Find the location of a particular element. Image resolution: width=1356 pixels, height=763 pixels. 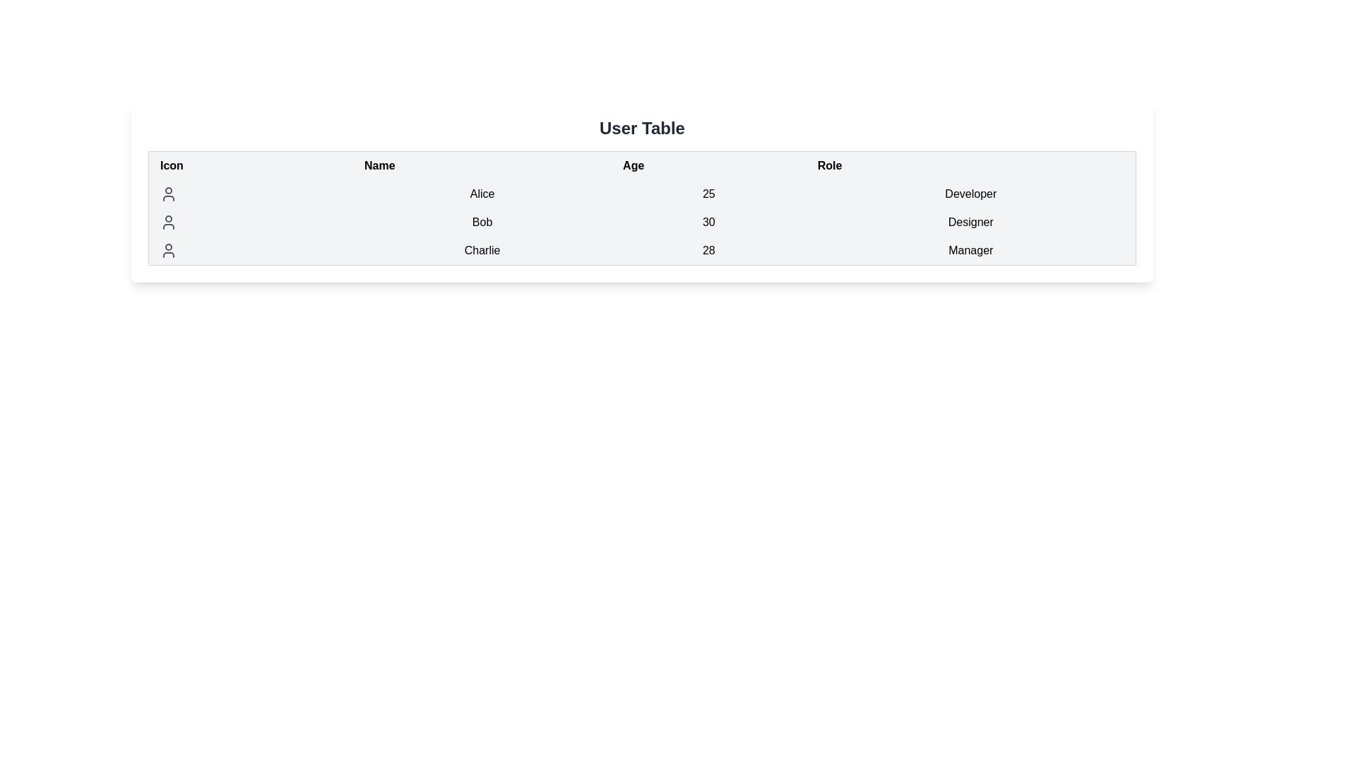

the table row displaying details about 'Bob', which is the second row in the table is located at coordinates (641, 223).